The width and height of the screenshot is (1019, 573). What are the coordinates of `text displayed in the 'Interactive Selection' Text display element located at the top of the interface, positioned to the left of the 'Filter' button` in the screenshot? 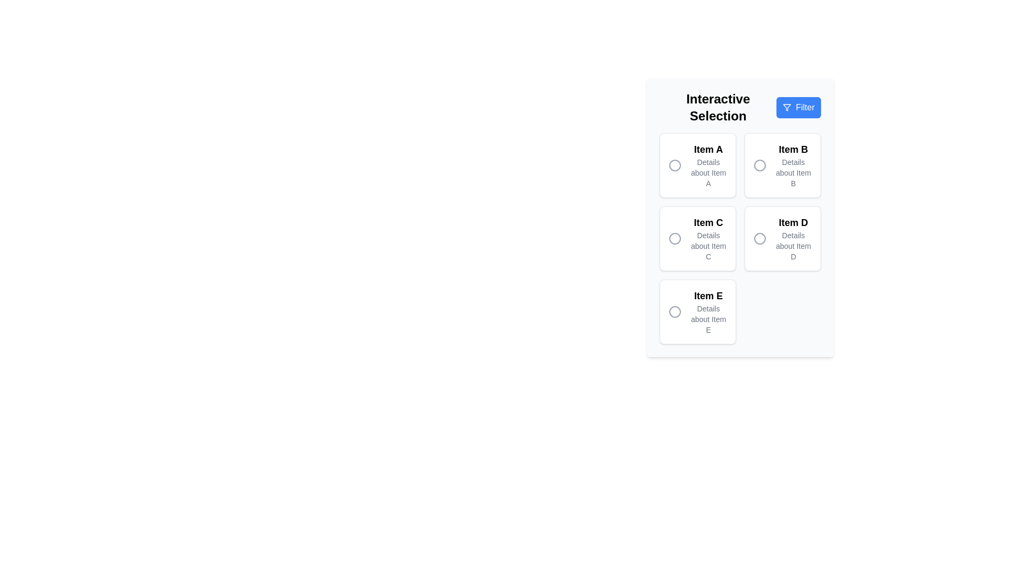 It's located at (718, 108).